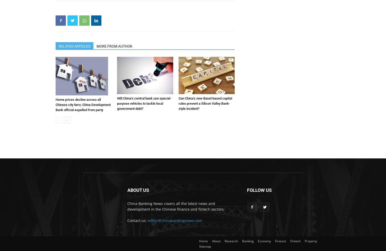 This screenshot has width=386, height=251. What do you see at coordinates (127, 220) in the screenshot?
I see `'Contact us:'` at bounding box center [127, 220].